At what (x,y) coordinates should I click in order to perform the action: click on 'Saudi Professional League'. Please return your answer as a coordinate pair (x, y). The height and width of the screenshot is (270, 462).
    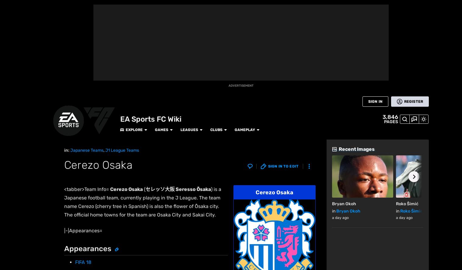
    Looking at the image, I should click on (222, 220).